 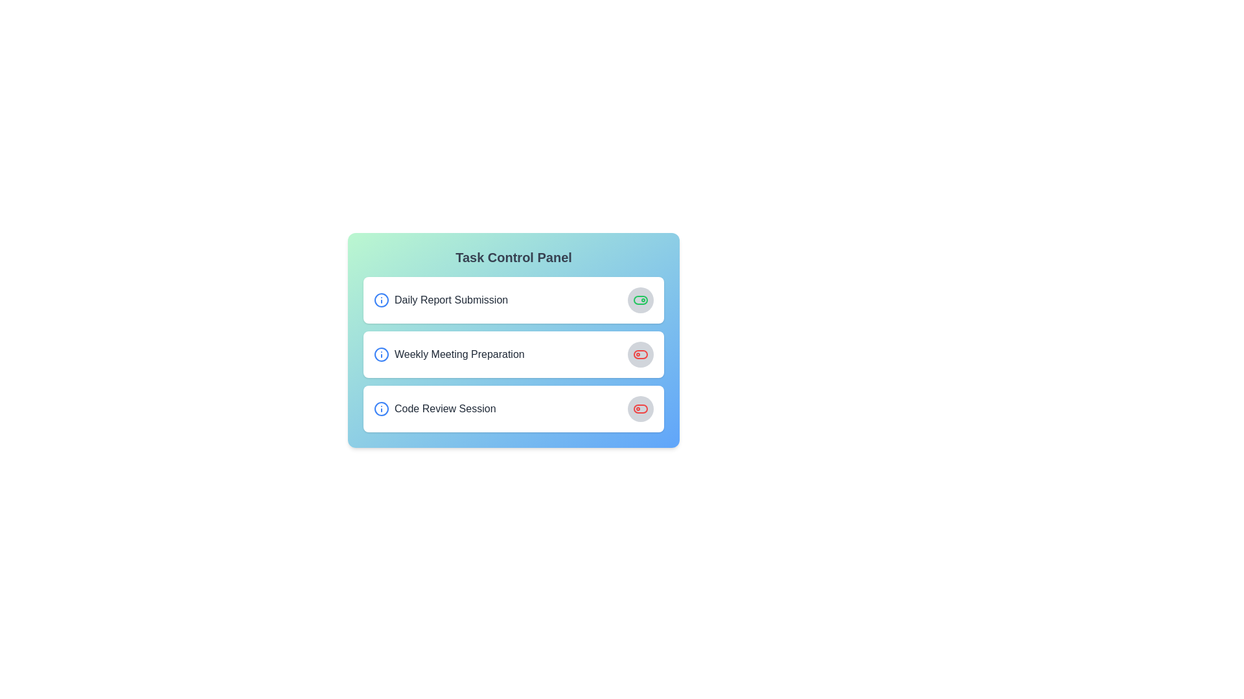 I want to click on the appearance of the SVG circle element that is part of the icon in the third row of the task list, so click(x=381, y=409).